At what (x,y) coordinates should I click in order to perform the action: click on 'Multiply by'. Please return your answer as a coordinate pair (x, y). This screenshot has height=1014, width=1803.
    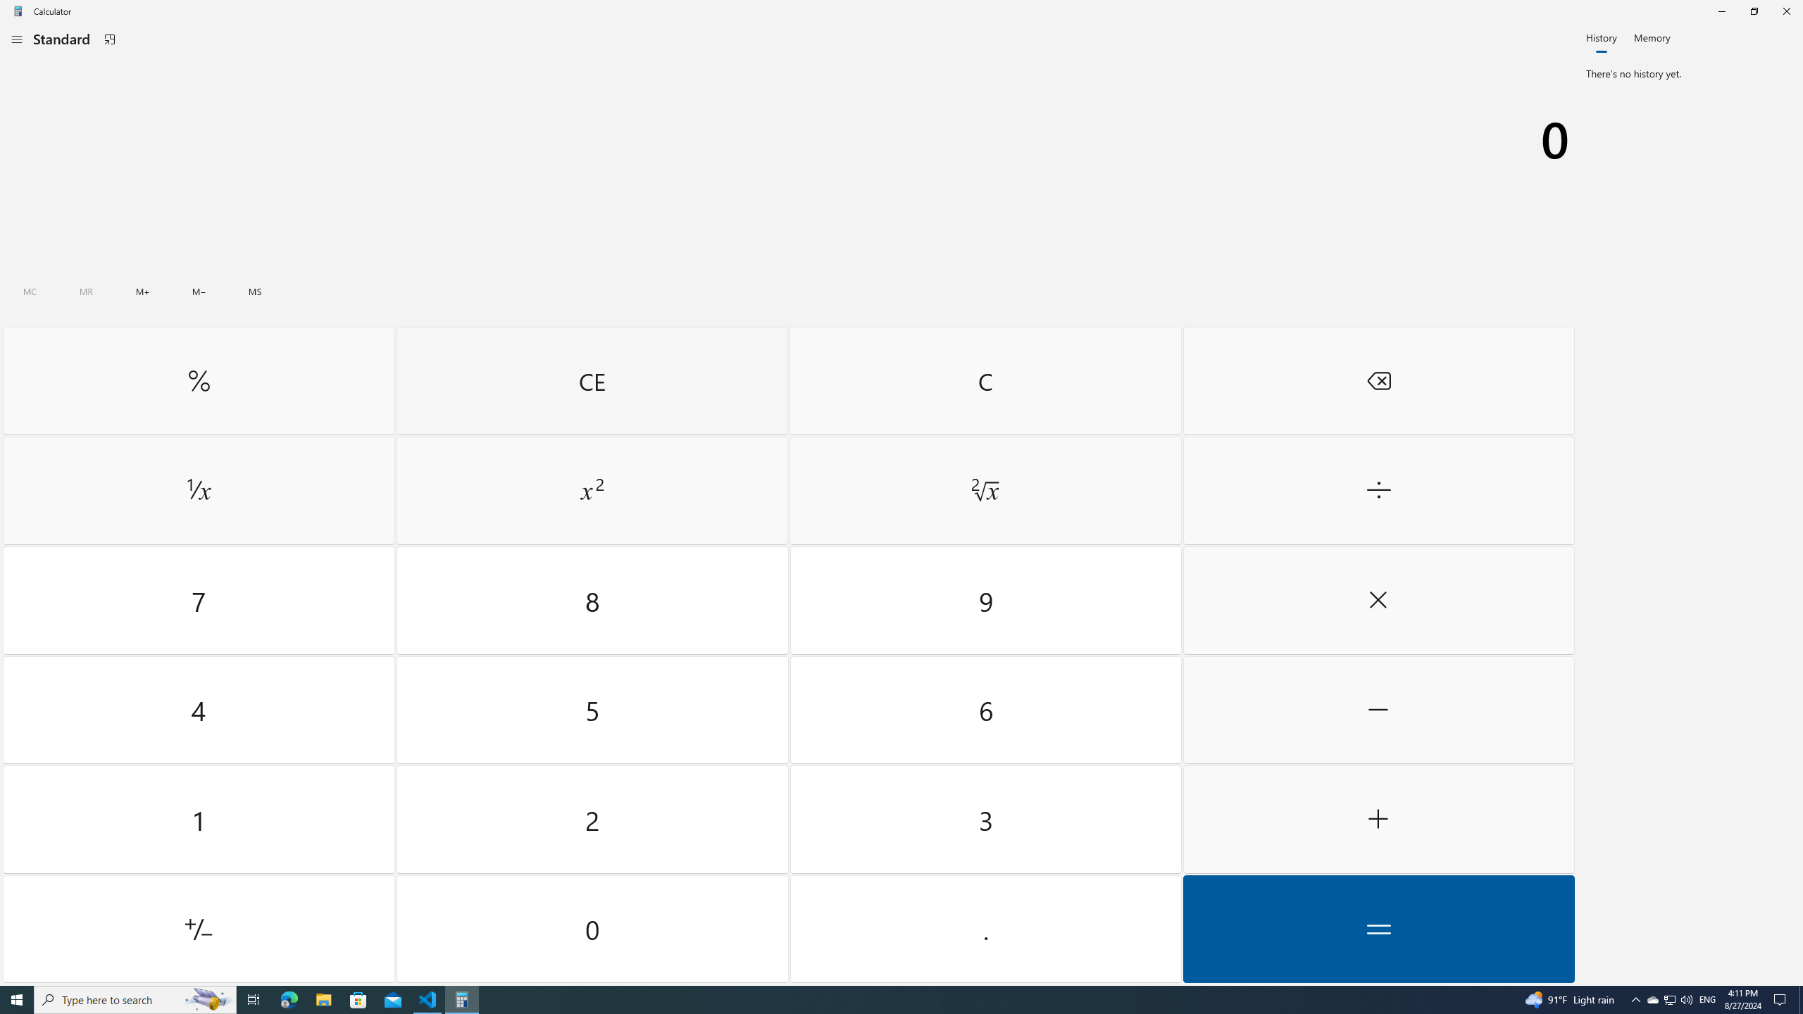
    Looking at the image, I should click on (1378, 601).